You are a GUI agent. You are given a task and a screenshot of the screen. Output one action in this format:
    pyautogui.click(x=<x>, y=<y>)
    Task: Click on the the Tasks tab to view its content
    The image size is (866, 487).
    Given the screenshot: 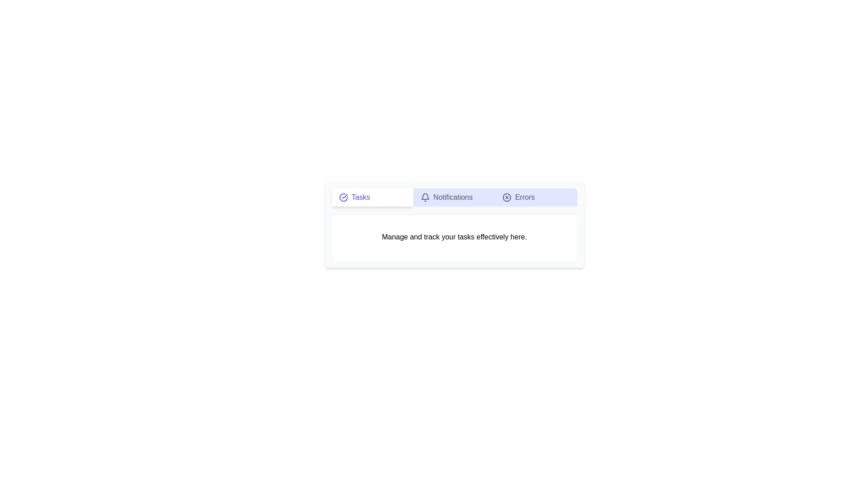 What is the action you would take?
    pyautogui.click(x=373, y=197)
    